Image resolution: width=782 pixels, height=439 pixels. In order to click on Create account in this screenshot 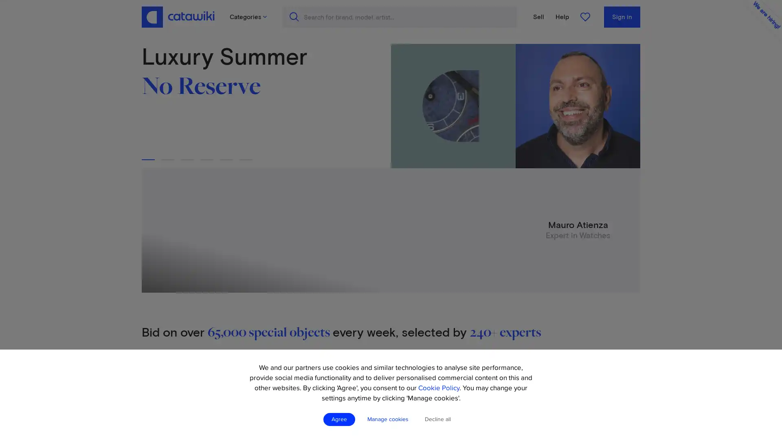, I will do `click(666, 386)`.